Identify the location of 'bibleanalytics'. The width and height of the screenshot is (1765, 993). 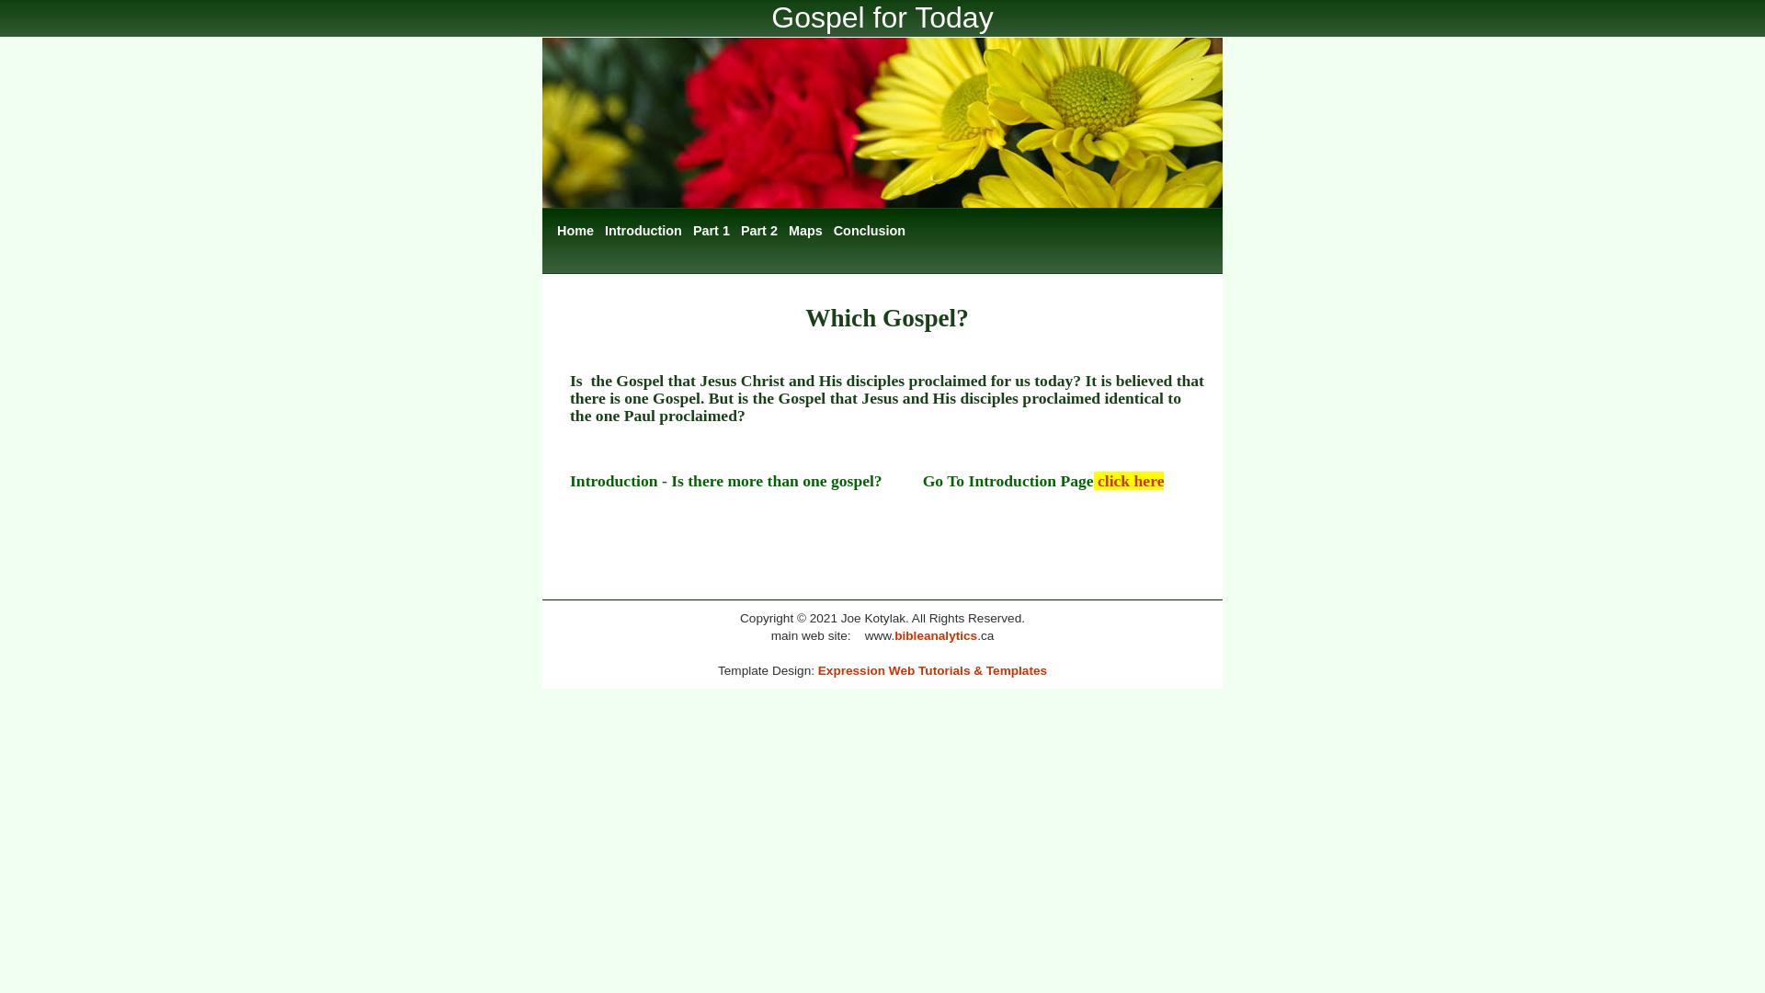
(935, 634).